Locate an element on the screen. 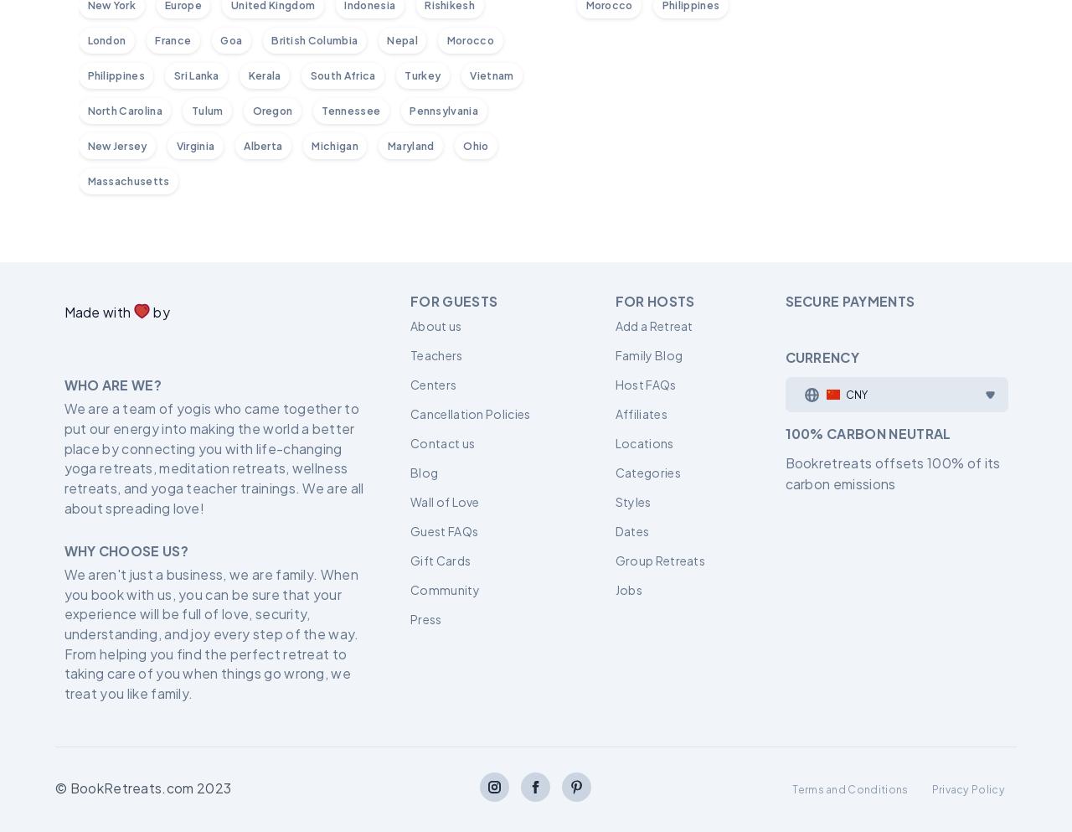 The height and width of the screenshot is (832, 1072). 'Oregon' is located at coordinates (271, 109).